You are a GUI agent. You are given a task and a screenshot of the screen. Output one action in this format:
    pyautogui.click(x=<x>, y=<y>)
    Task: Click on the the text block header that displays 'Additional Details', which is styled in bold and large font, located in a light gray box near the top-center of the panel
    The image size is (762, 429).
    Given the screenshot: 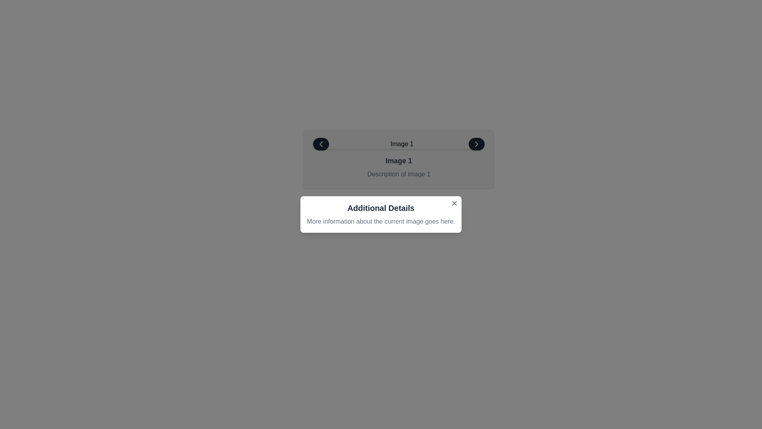 What is the action you would take?
    pyautogui.click(x=381, y=208)
    